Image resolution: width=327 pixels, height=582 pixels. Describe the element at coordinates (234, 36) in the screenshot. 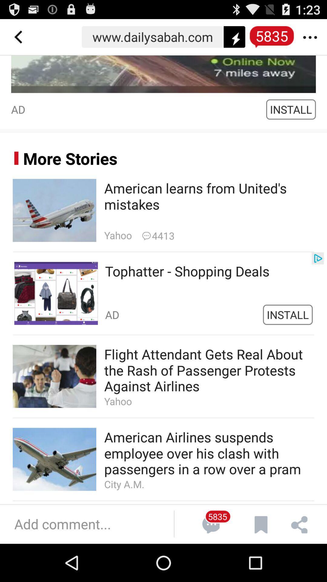

I see `the black colored icon with flash symbol at top right of the page` at that location.